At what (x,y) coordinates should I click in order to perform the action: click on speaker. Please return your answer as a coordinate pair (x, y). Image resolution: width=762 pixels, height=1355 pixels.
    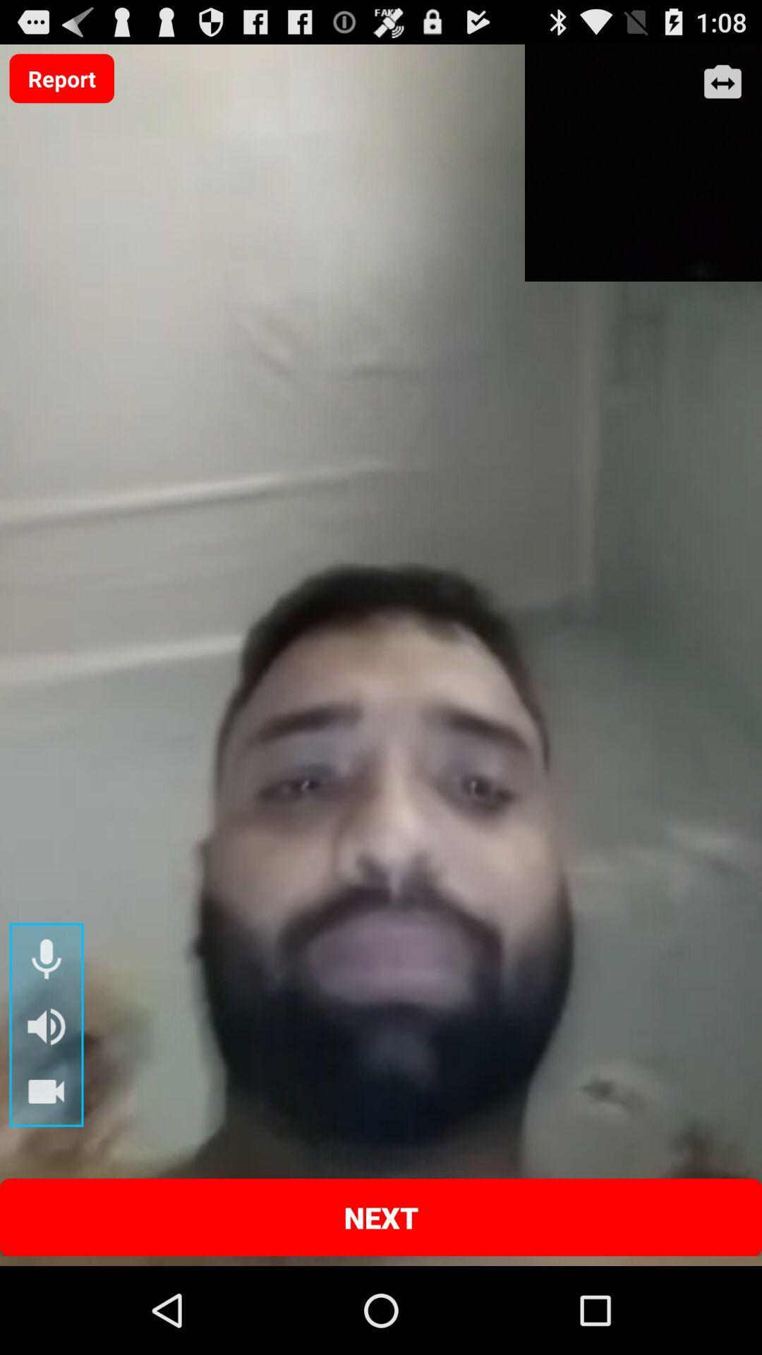
    Looking at the image, I should click on (45, 1026).